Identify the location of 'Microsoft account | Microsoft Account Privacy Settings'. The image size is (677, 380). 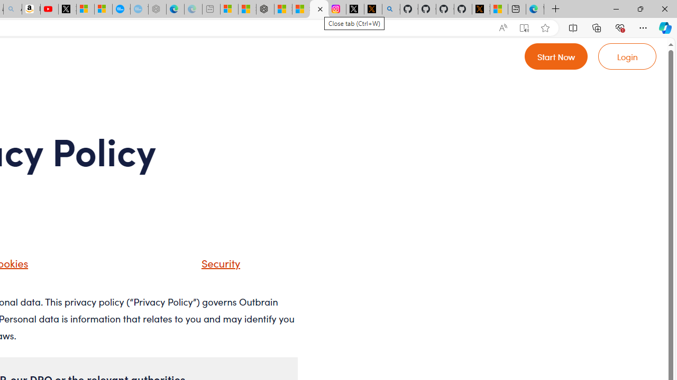
(228, 9).